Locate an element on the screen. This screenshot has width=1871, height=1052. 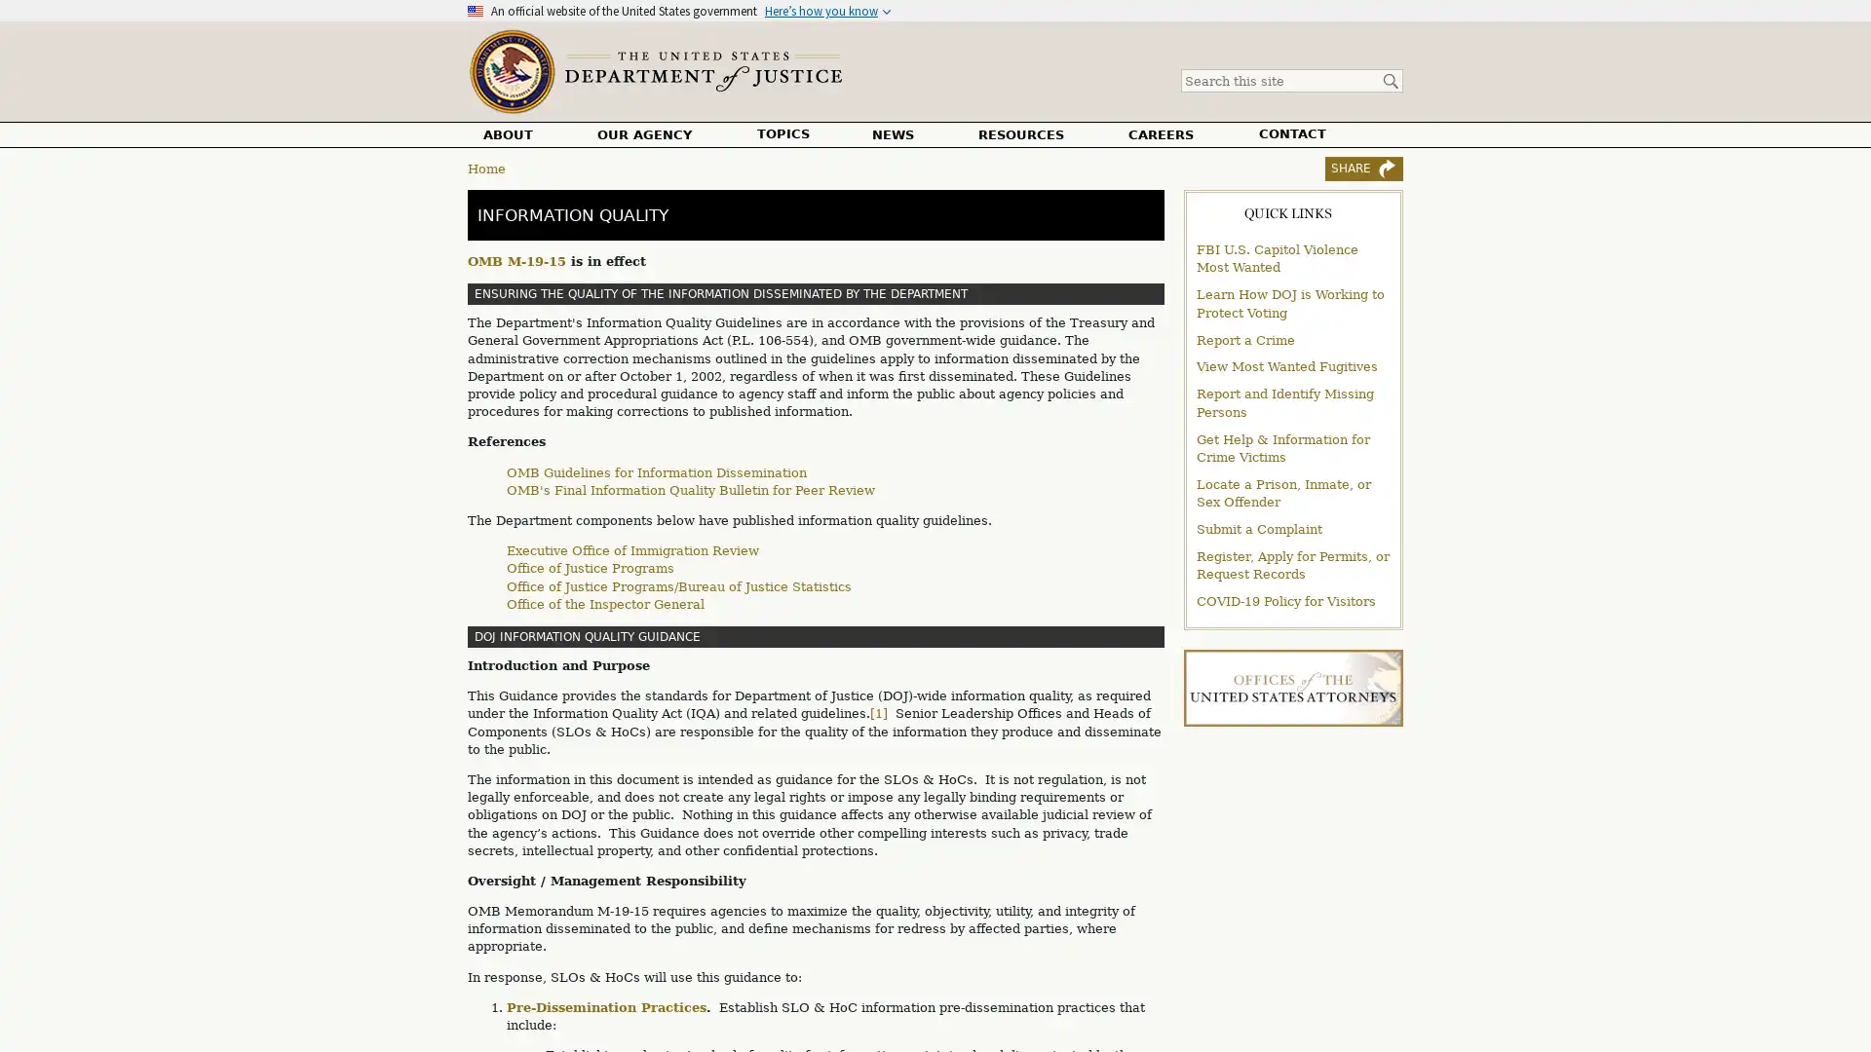
Heres how you know is located at coordinates (827, 11).